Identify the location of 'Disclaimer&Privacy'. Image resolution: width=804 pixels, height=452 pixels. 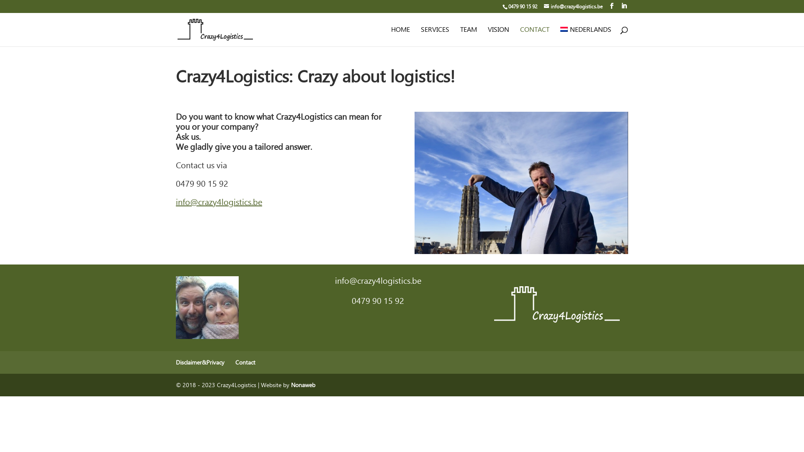
(200, 362).